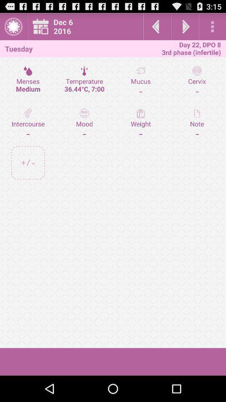  What do you see at coordinates (197, 123) in the screenshot?
I see `note` at bounding box center [197, 123].